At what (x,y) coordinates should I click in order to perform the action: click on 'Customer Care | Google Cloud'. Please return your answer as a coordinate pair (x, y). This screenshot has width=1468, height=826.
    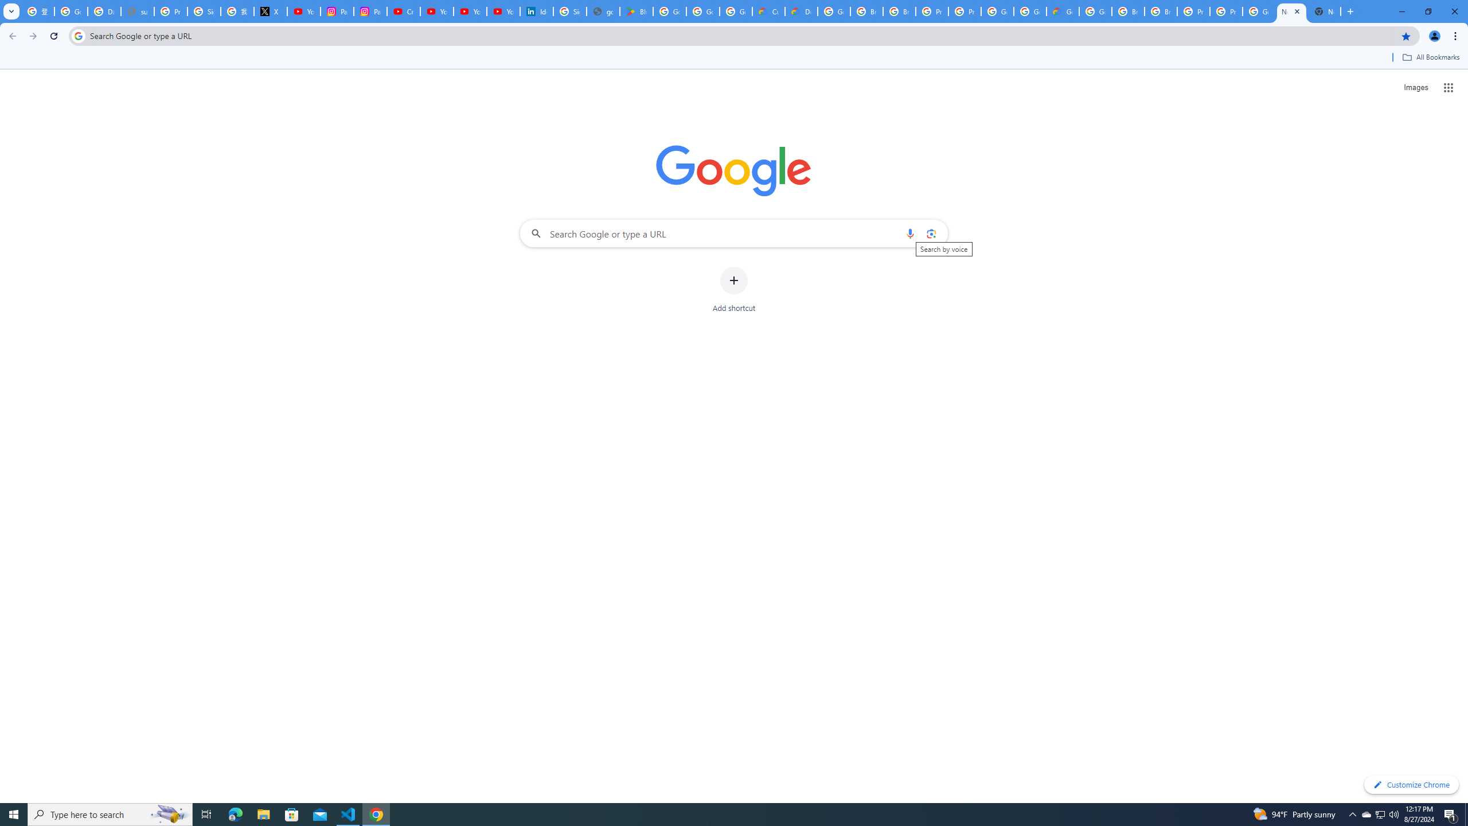
    Looking at the image, I should click on (768, 11).